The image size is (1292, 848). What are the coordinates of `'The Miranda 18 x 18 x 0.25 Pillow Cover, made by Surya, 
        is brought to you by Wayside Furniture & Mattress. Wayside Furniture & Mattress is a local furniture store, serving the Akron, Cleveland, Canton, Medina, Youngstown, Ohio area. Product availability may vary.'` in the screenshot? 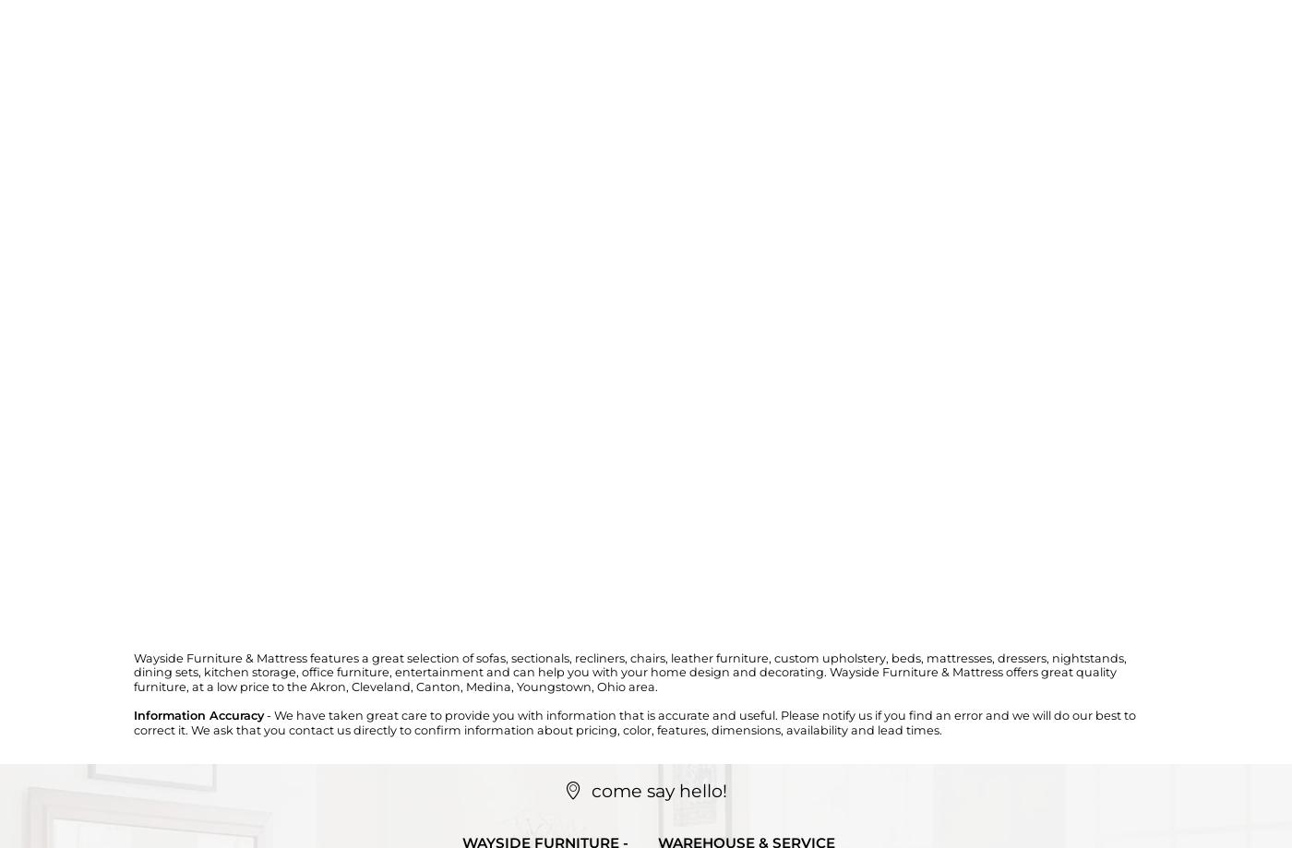 It's located at (639, 294).